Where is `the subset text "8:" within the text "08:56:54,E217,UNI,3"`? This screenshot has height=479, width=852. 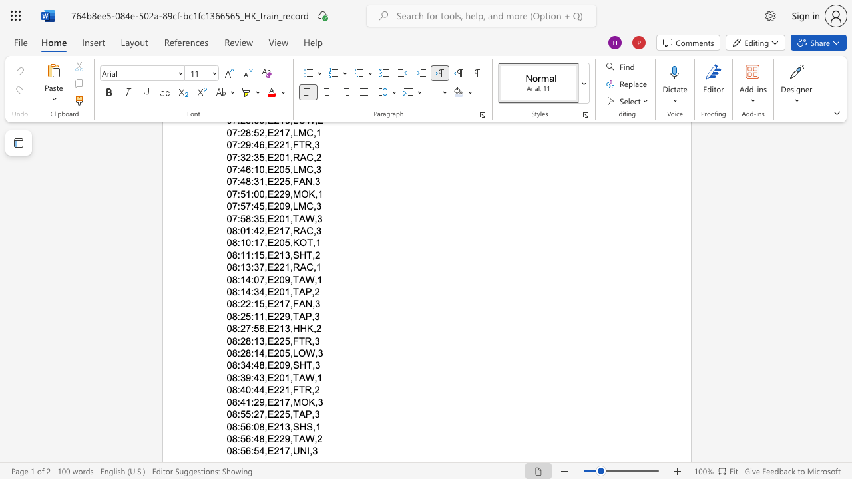
the subset text "8:" within the text "08:56:54,E217,UNI,3" is located at coordinates (232, 450).